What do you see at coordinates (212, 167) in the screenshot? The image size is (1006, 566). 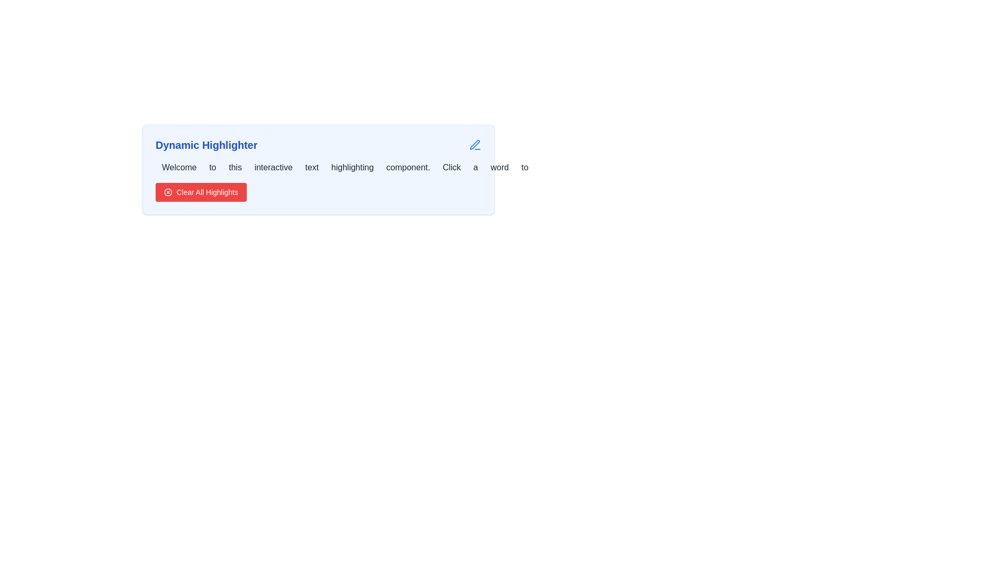 I see `the text span or label displaying the word 'to', which is center-aligned in a standard sans-serif font and appears between 'Welcome' and 'this'` at bounding box center [212, 167].